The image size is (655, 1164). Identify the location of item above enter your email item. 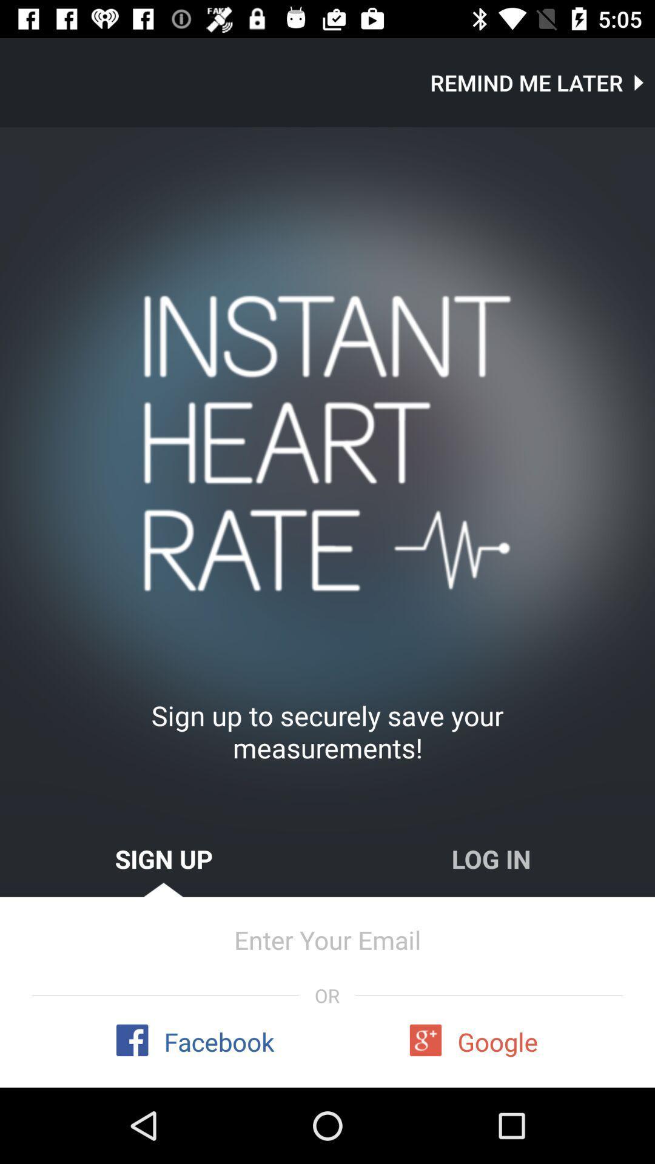
(491, 858).